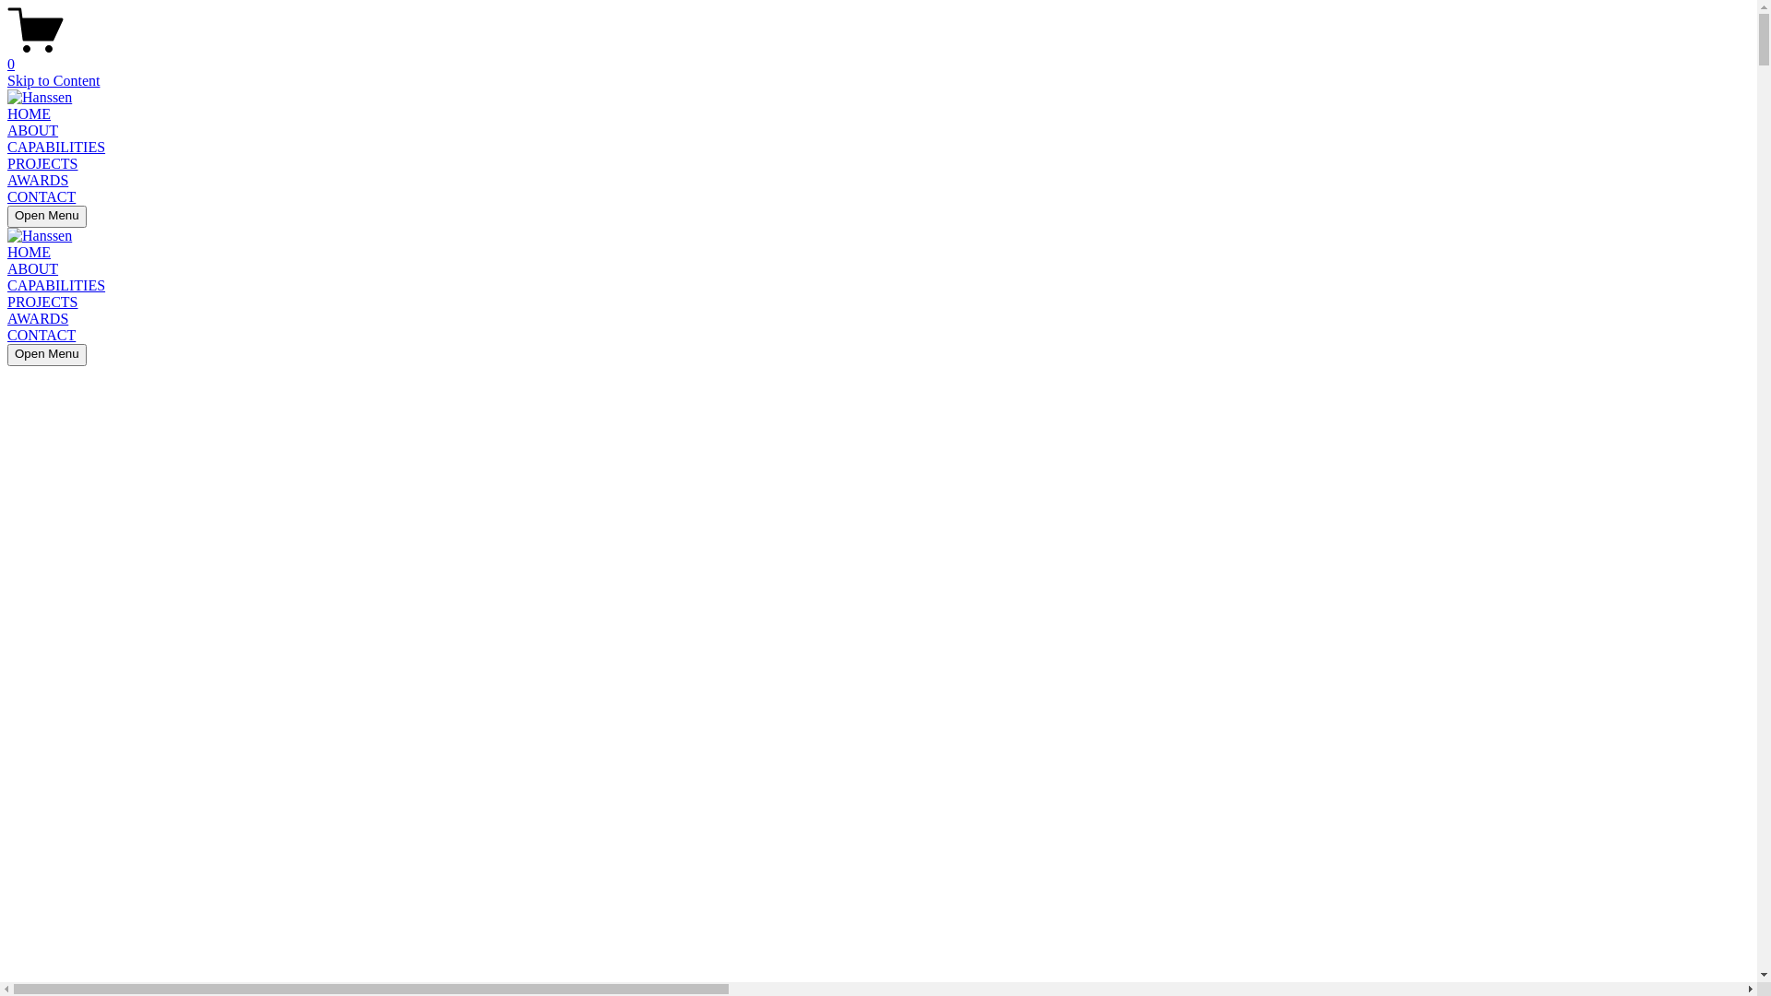 The image size is (1771, 996). I want to click on 'HOME', so click(29, 252).